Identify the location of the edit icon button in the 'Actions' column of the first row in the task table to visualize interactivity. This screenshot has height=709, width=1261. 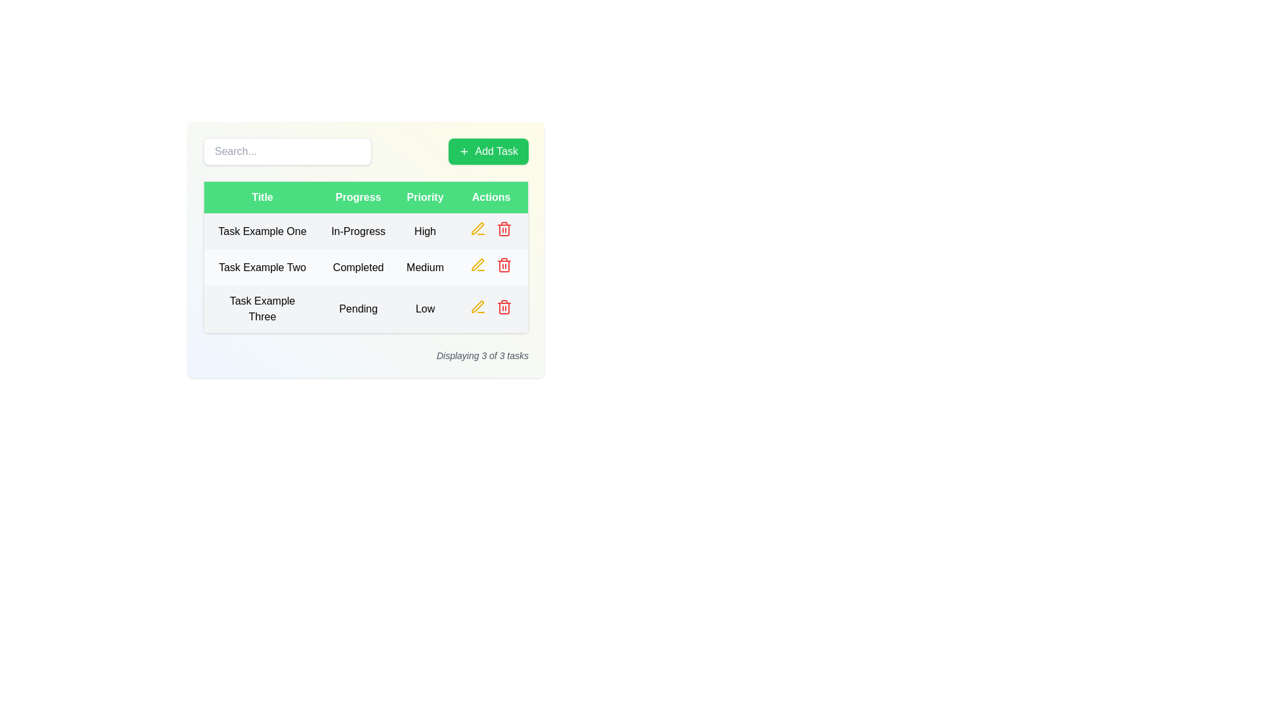
(477, 228).